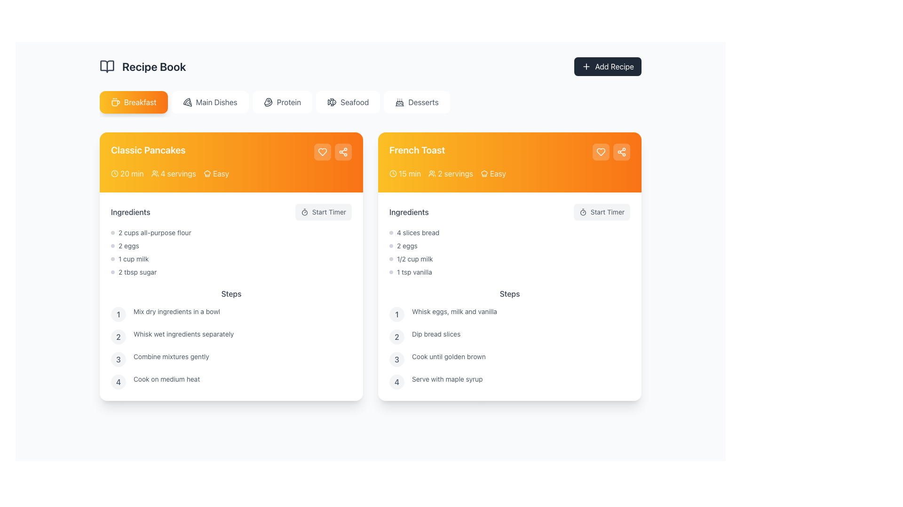  What do you see at coordinates (370, 104) in the screenshot?
I see `the seafood category button, which is the fourth button from the left in a horizontal list of category buttons, to filter recipes displayed on the page to only show seafood-related dishes` at bounding box center [370, 104].